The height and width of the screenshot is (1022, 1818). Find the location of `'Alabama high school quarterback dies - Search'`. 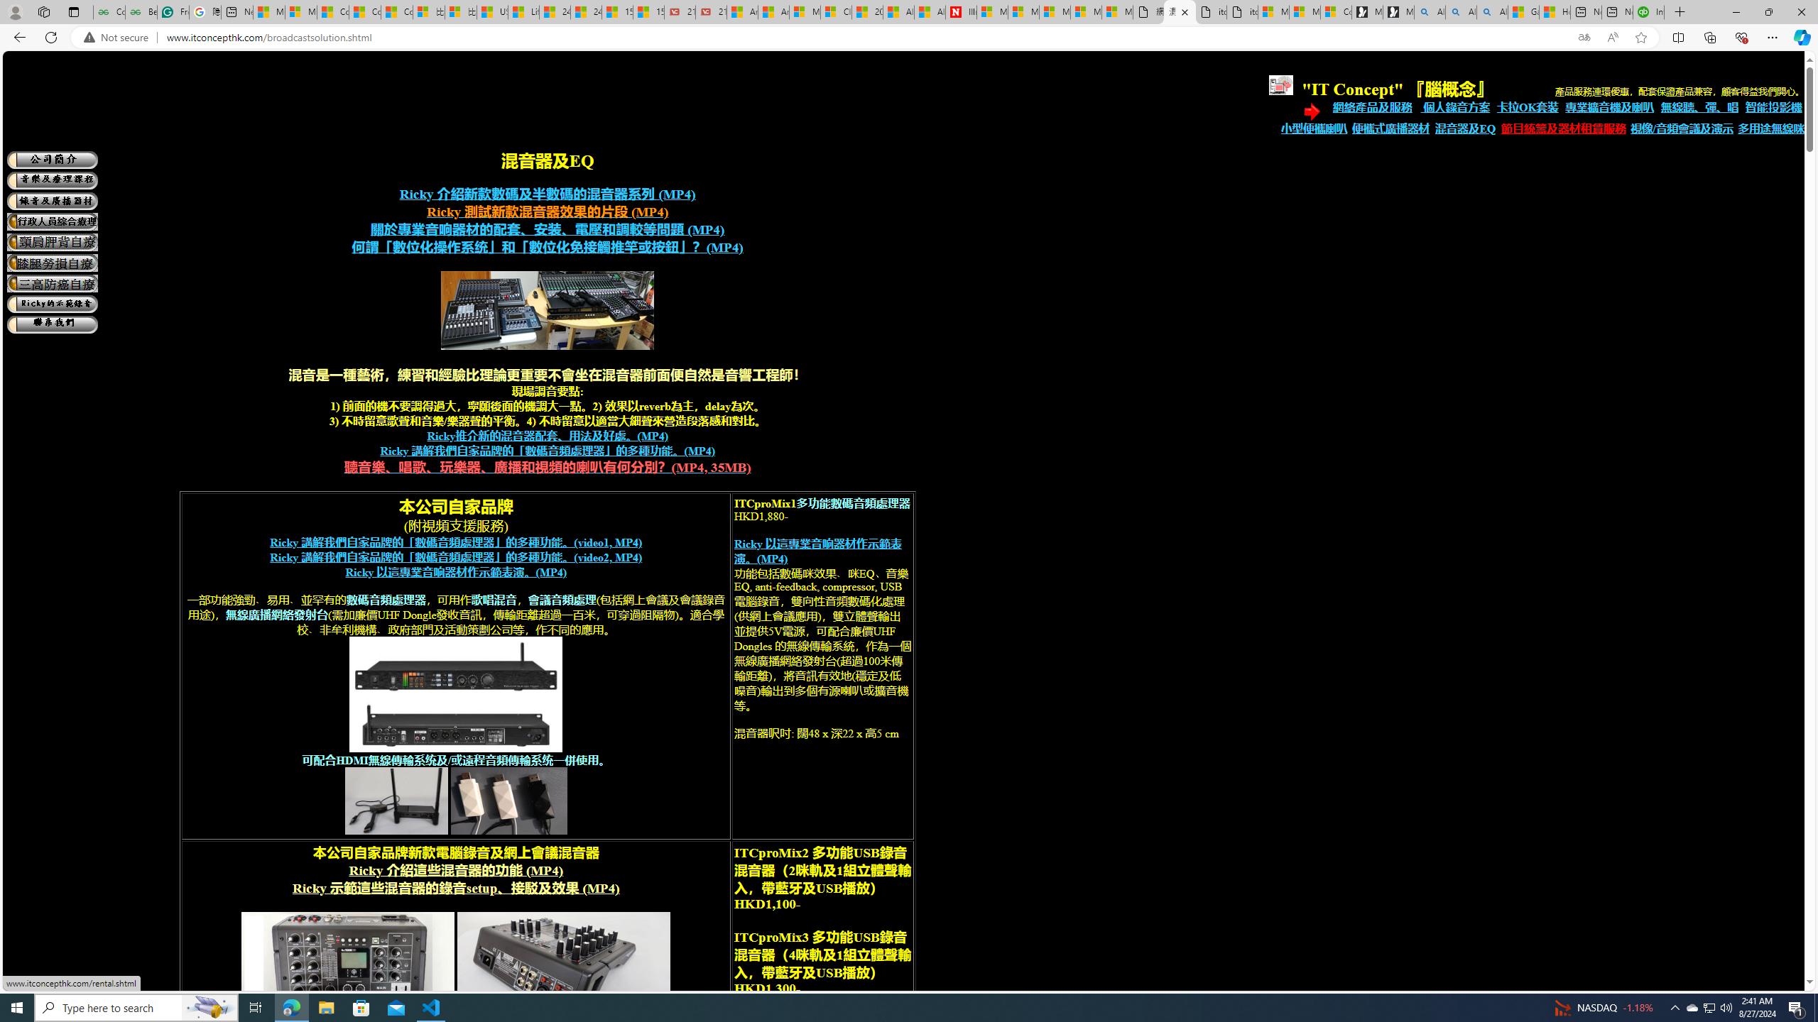

'Alabama high school quarterback dies - Search' is located at coordinates (1430, 11).